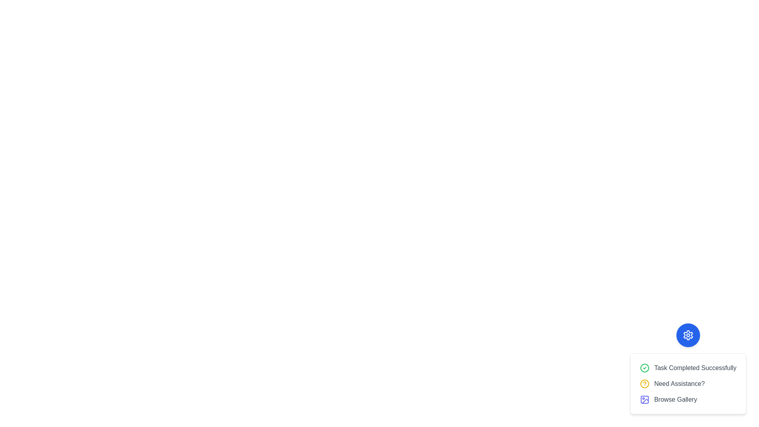  What do you see at coordinates (695, 368) in the screenshot?
I see `the text label that displays 'Task Completed Successfully', located at the bottom right corner of the interface, indicating a completed status` at bounding box center [695, 368].